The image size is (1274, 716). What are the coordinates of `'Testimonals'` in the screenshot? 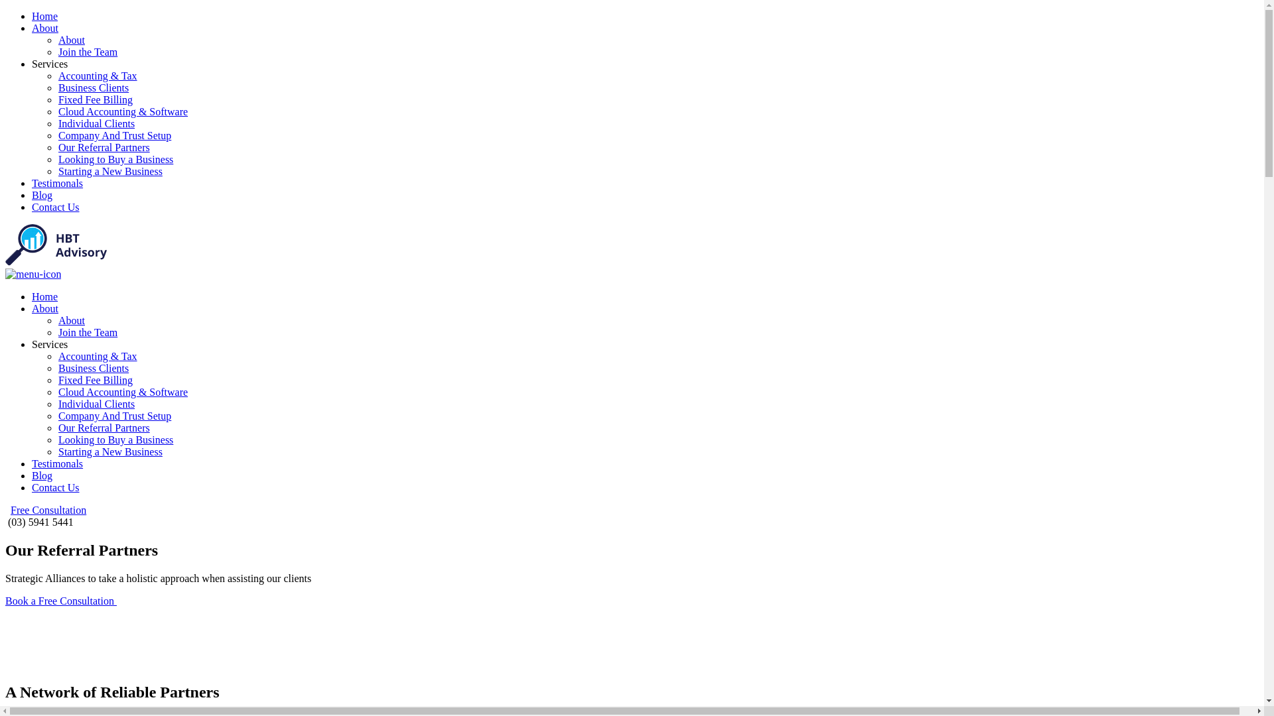 It's located at (56, 183).